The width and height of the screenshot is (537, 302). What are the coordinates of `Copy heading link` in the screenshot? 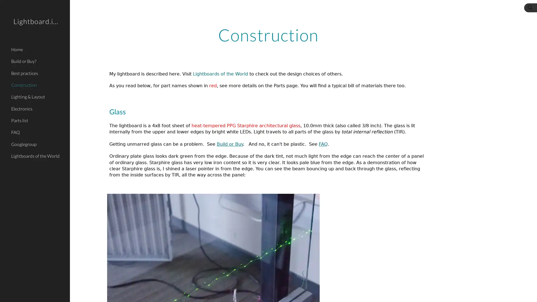 It's located at (166, 111).